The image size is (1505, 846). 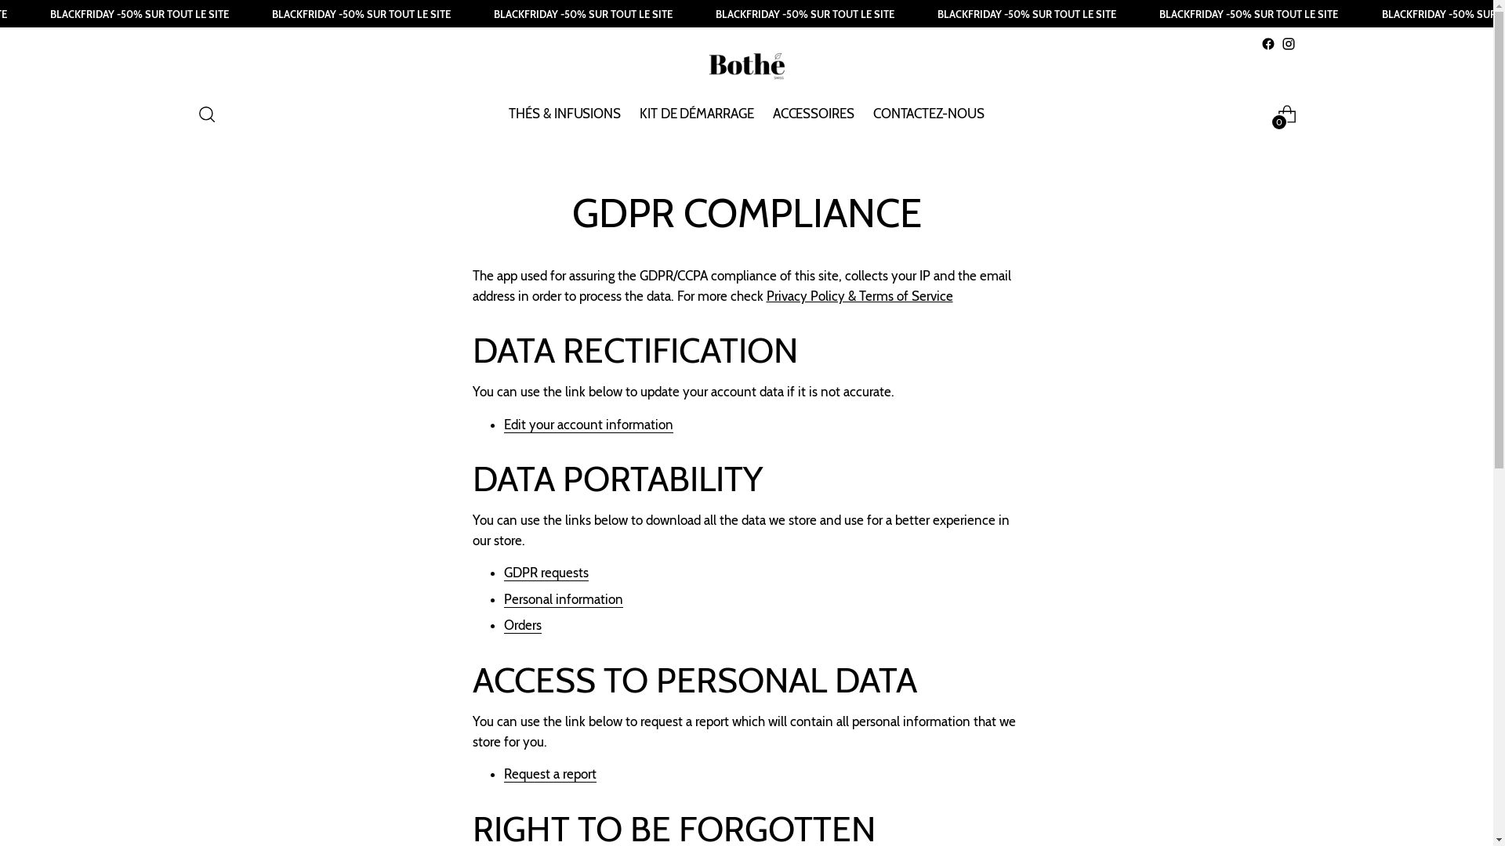 I want to click on 'Bothe Swiss sur Facebook', so click(x=1260, y=43).